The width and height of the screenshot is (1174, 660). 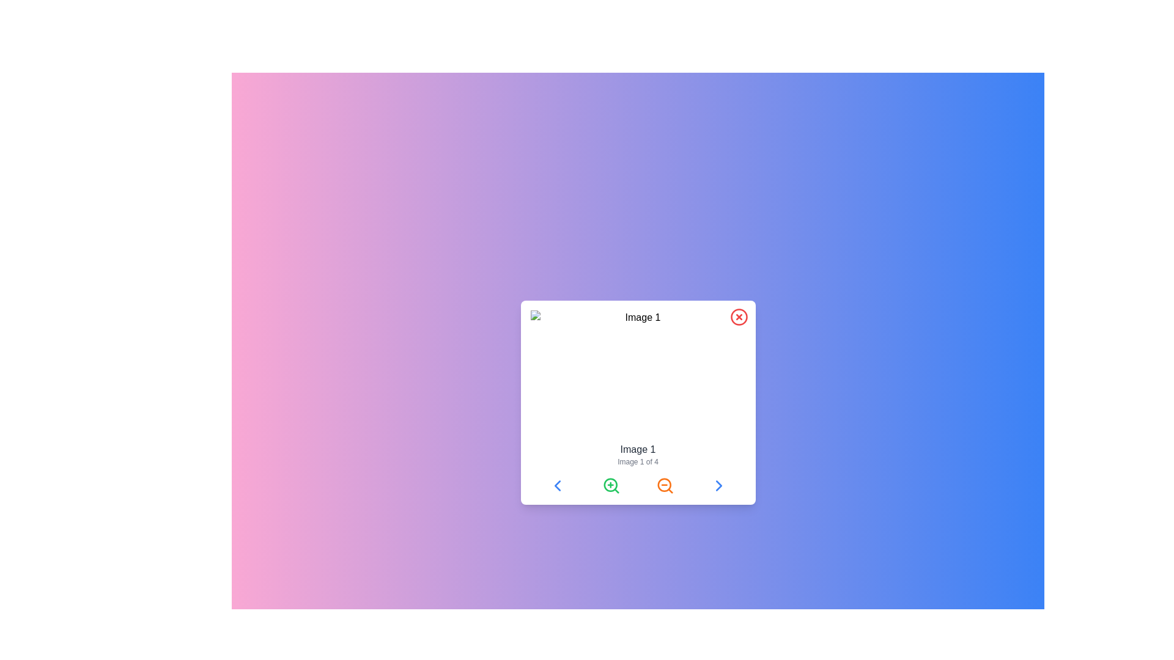 I want to click on the circular SVG shape that forms part of the zoom-in control button in the bottom-center control bar of the floating modal box, so click(x=610, y=484).